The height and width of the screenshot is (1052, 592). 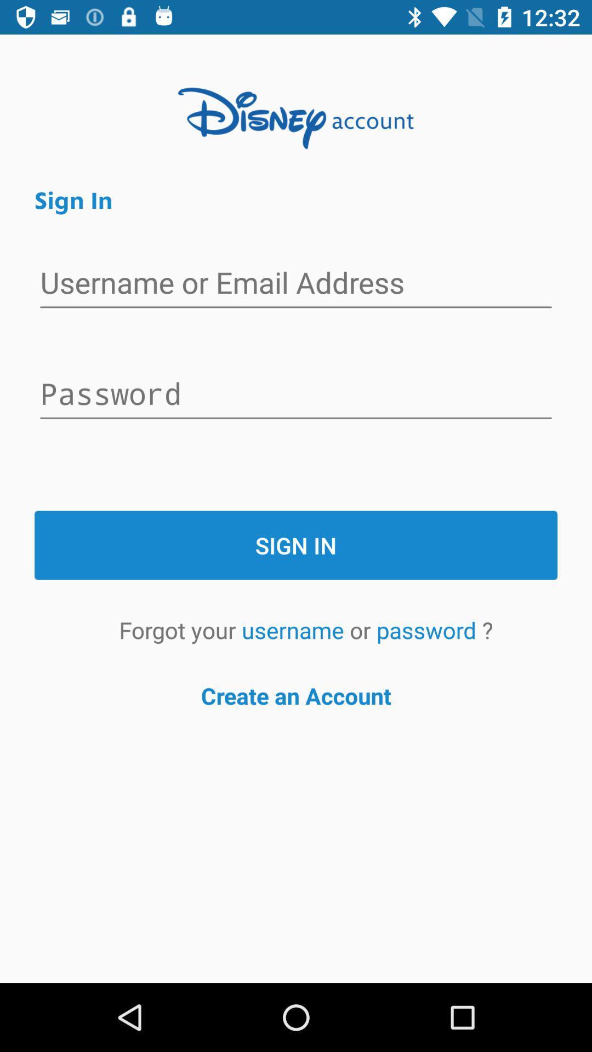 I want to click on type the password, so click(x=296, y=395).